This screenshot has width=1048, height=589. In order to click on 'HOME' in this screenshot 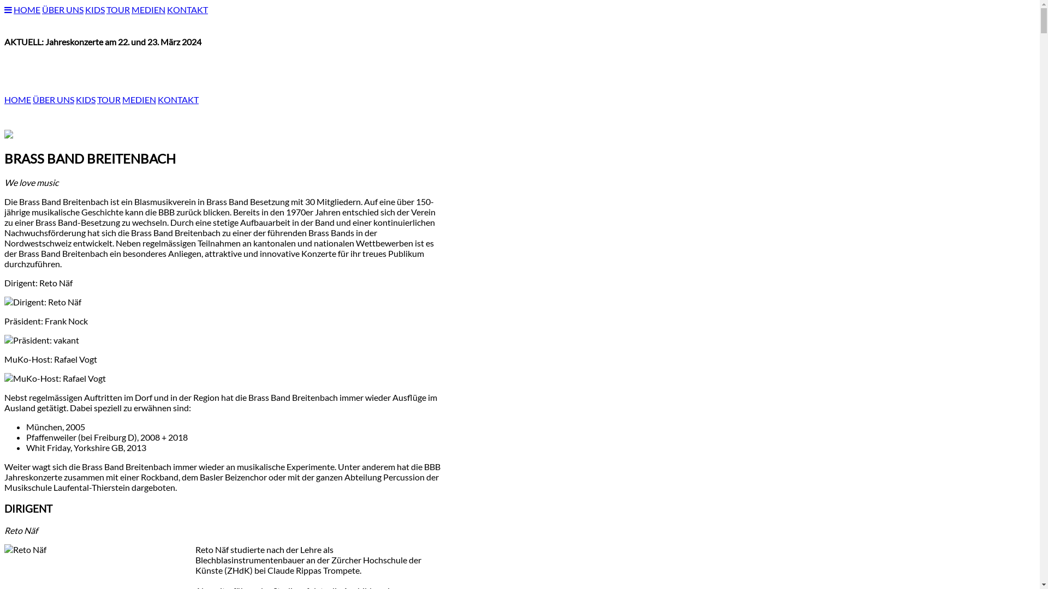, I will do `click(27, 9)`.